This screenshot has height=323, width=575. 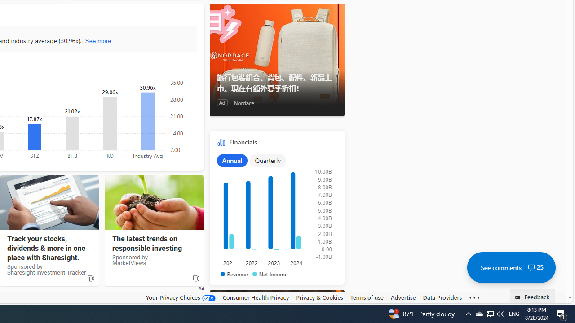 What do you see at coordinates (180, 297) in the screenshot?
I see `'Your Privacy Choices'` at bounding box center [180, 297].